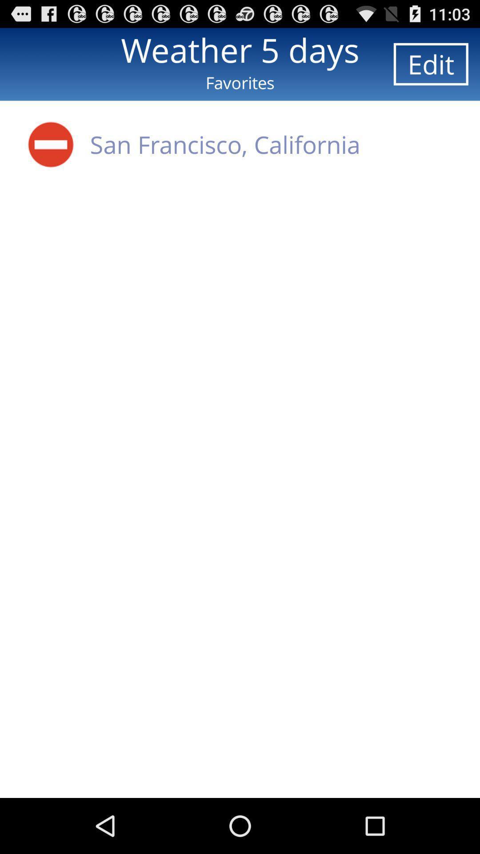 This screenshot has height=854, width=480. I want to click on item next to aa item, so click(224, 144).